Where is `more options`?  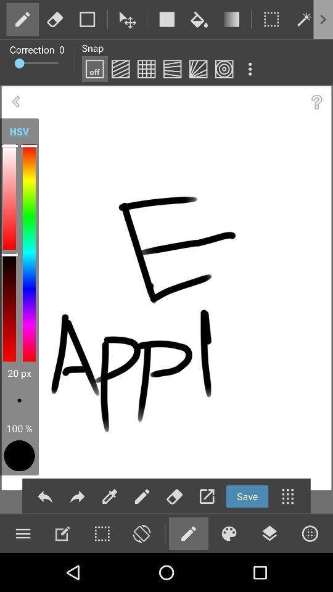 more options is located at coordinates (326, 18).